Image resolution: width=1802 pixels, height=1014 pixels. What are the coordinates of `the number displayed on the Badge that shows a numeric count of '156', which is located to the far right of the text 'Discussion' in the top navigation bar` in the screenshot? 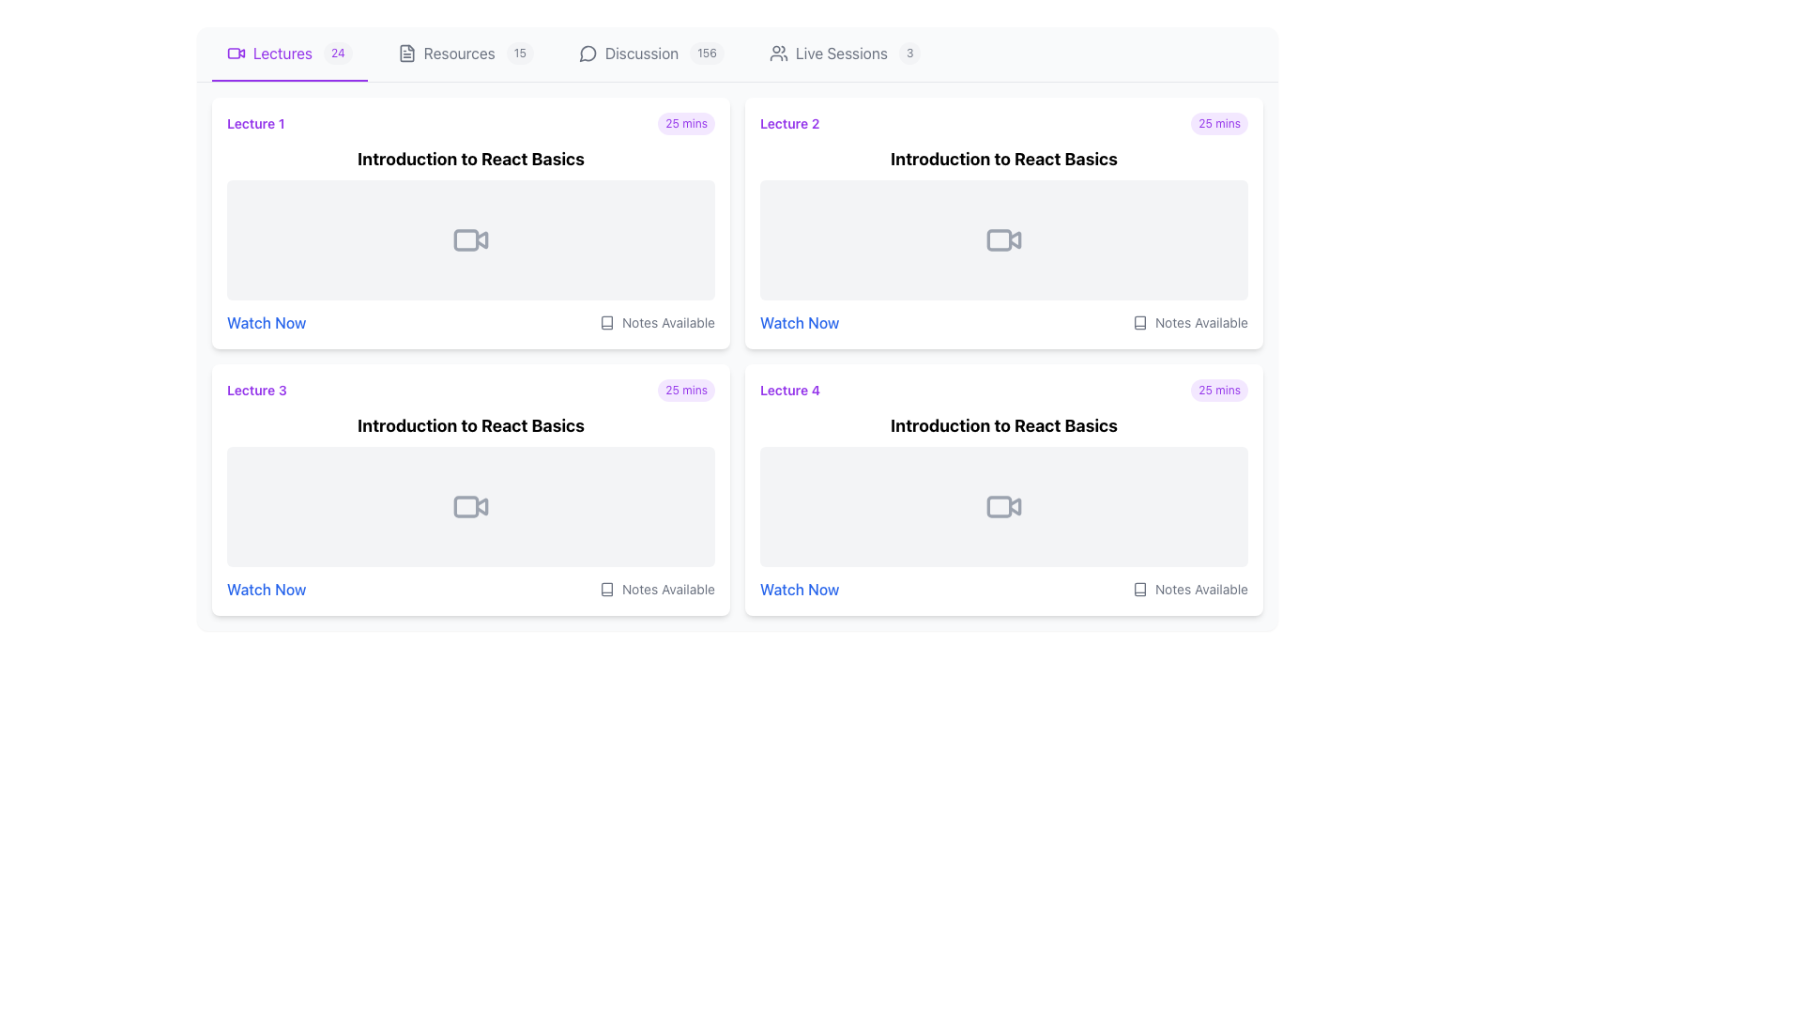 It's located at (706, 53).